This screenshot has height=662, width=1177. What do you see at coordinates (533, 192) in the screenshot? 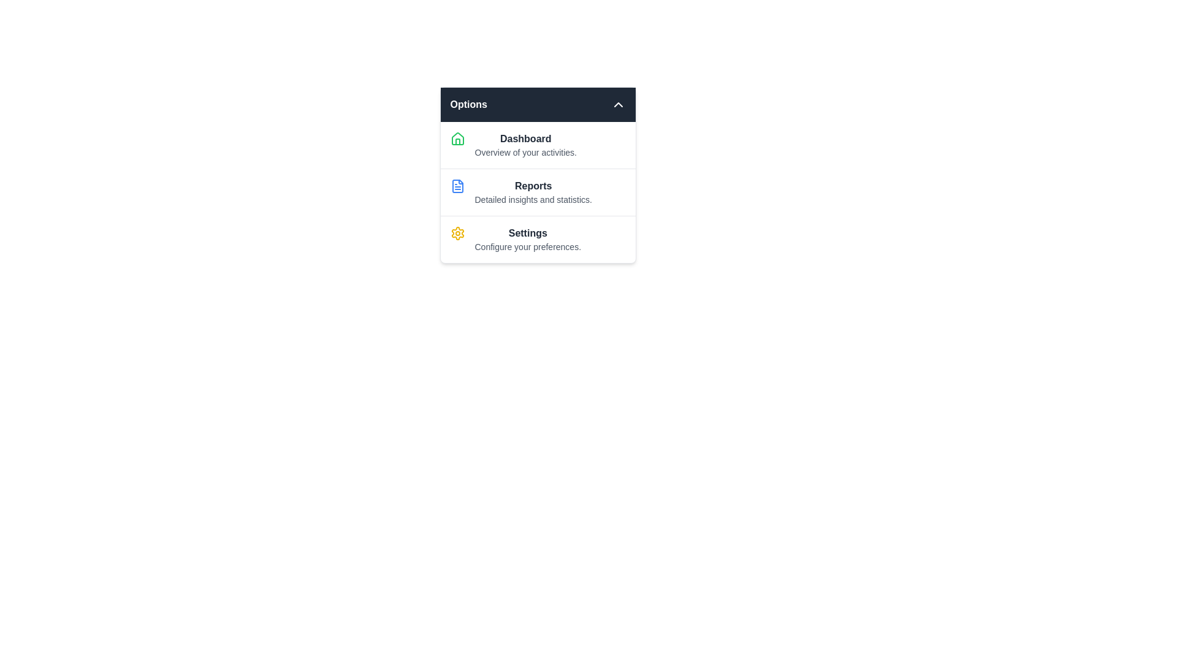
I see `on the 'Reports' list item in the menu that is highlighted, which is the second item in the vertical list, positioned between 'Dashboard' and 'Settings'` at bounding box center [533, 192].